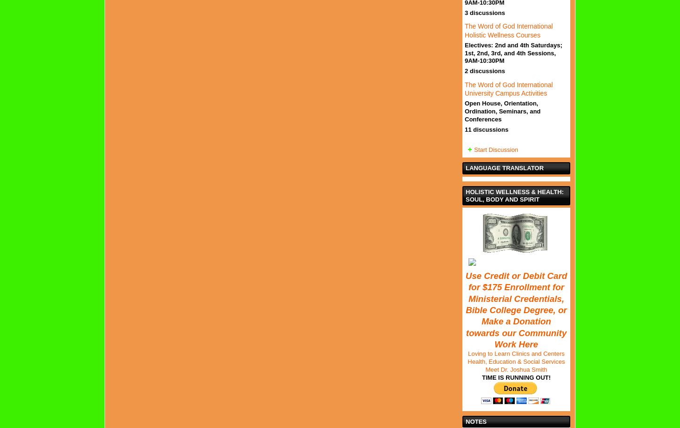 This screenshot has height=428, width=680. What do you see at coordinates (464, 30) in the screenshot?
I see `'The Word of God International Holistic Wellness Courses'` at bounding box center [464, 30].